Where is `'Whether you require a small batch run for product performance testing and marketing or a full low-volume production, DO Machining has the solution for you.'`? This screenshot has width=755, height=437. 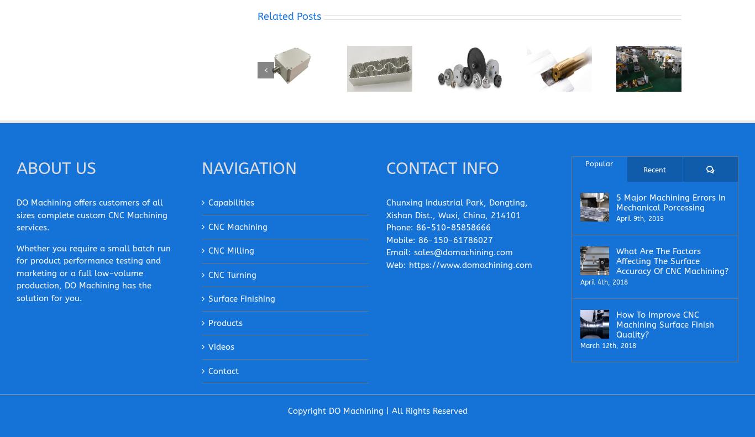 'Whether you require a small batch run for product performance testing and marketing or a full low-volume production, DO Machining has the solution for you.' is located at coordinates (93, 273).